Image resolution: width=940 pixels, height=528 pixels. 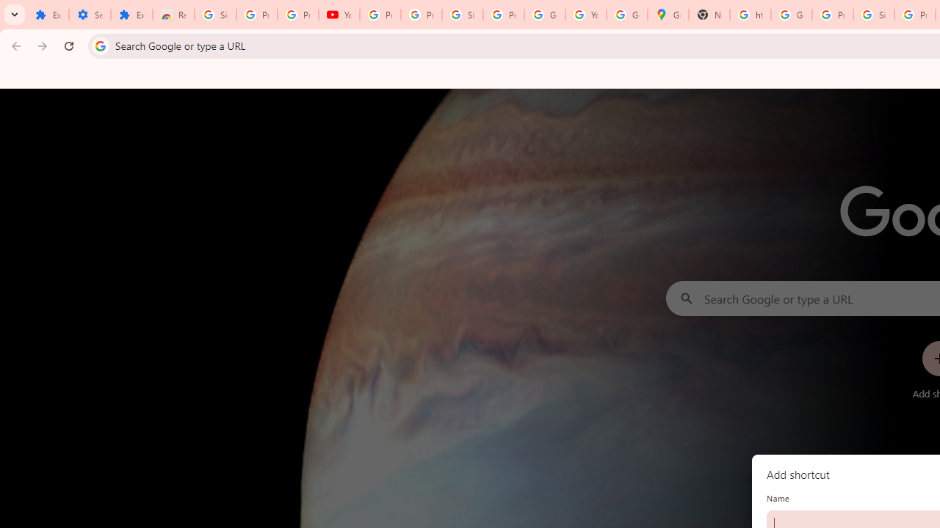 What do you see at coordinates (668, 15) in the screenshot?
I see `'Google Maps'` at bounding box center [668, 15].